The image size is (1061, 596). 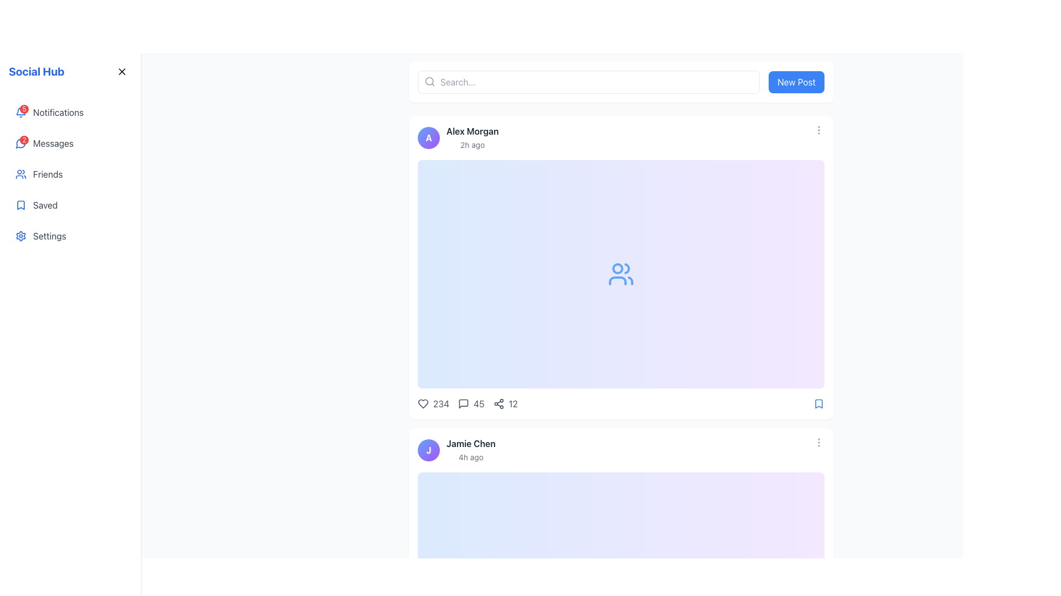 I want to click on the speech bubble icon in the navigation menu, which is styled in blue and positioned below the 'Notifications' icon and above the 'Friends' icon, so click(x=20, y=143).